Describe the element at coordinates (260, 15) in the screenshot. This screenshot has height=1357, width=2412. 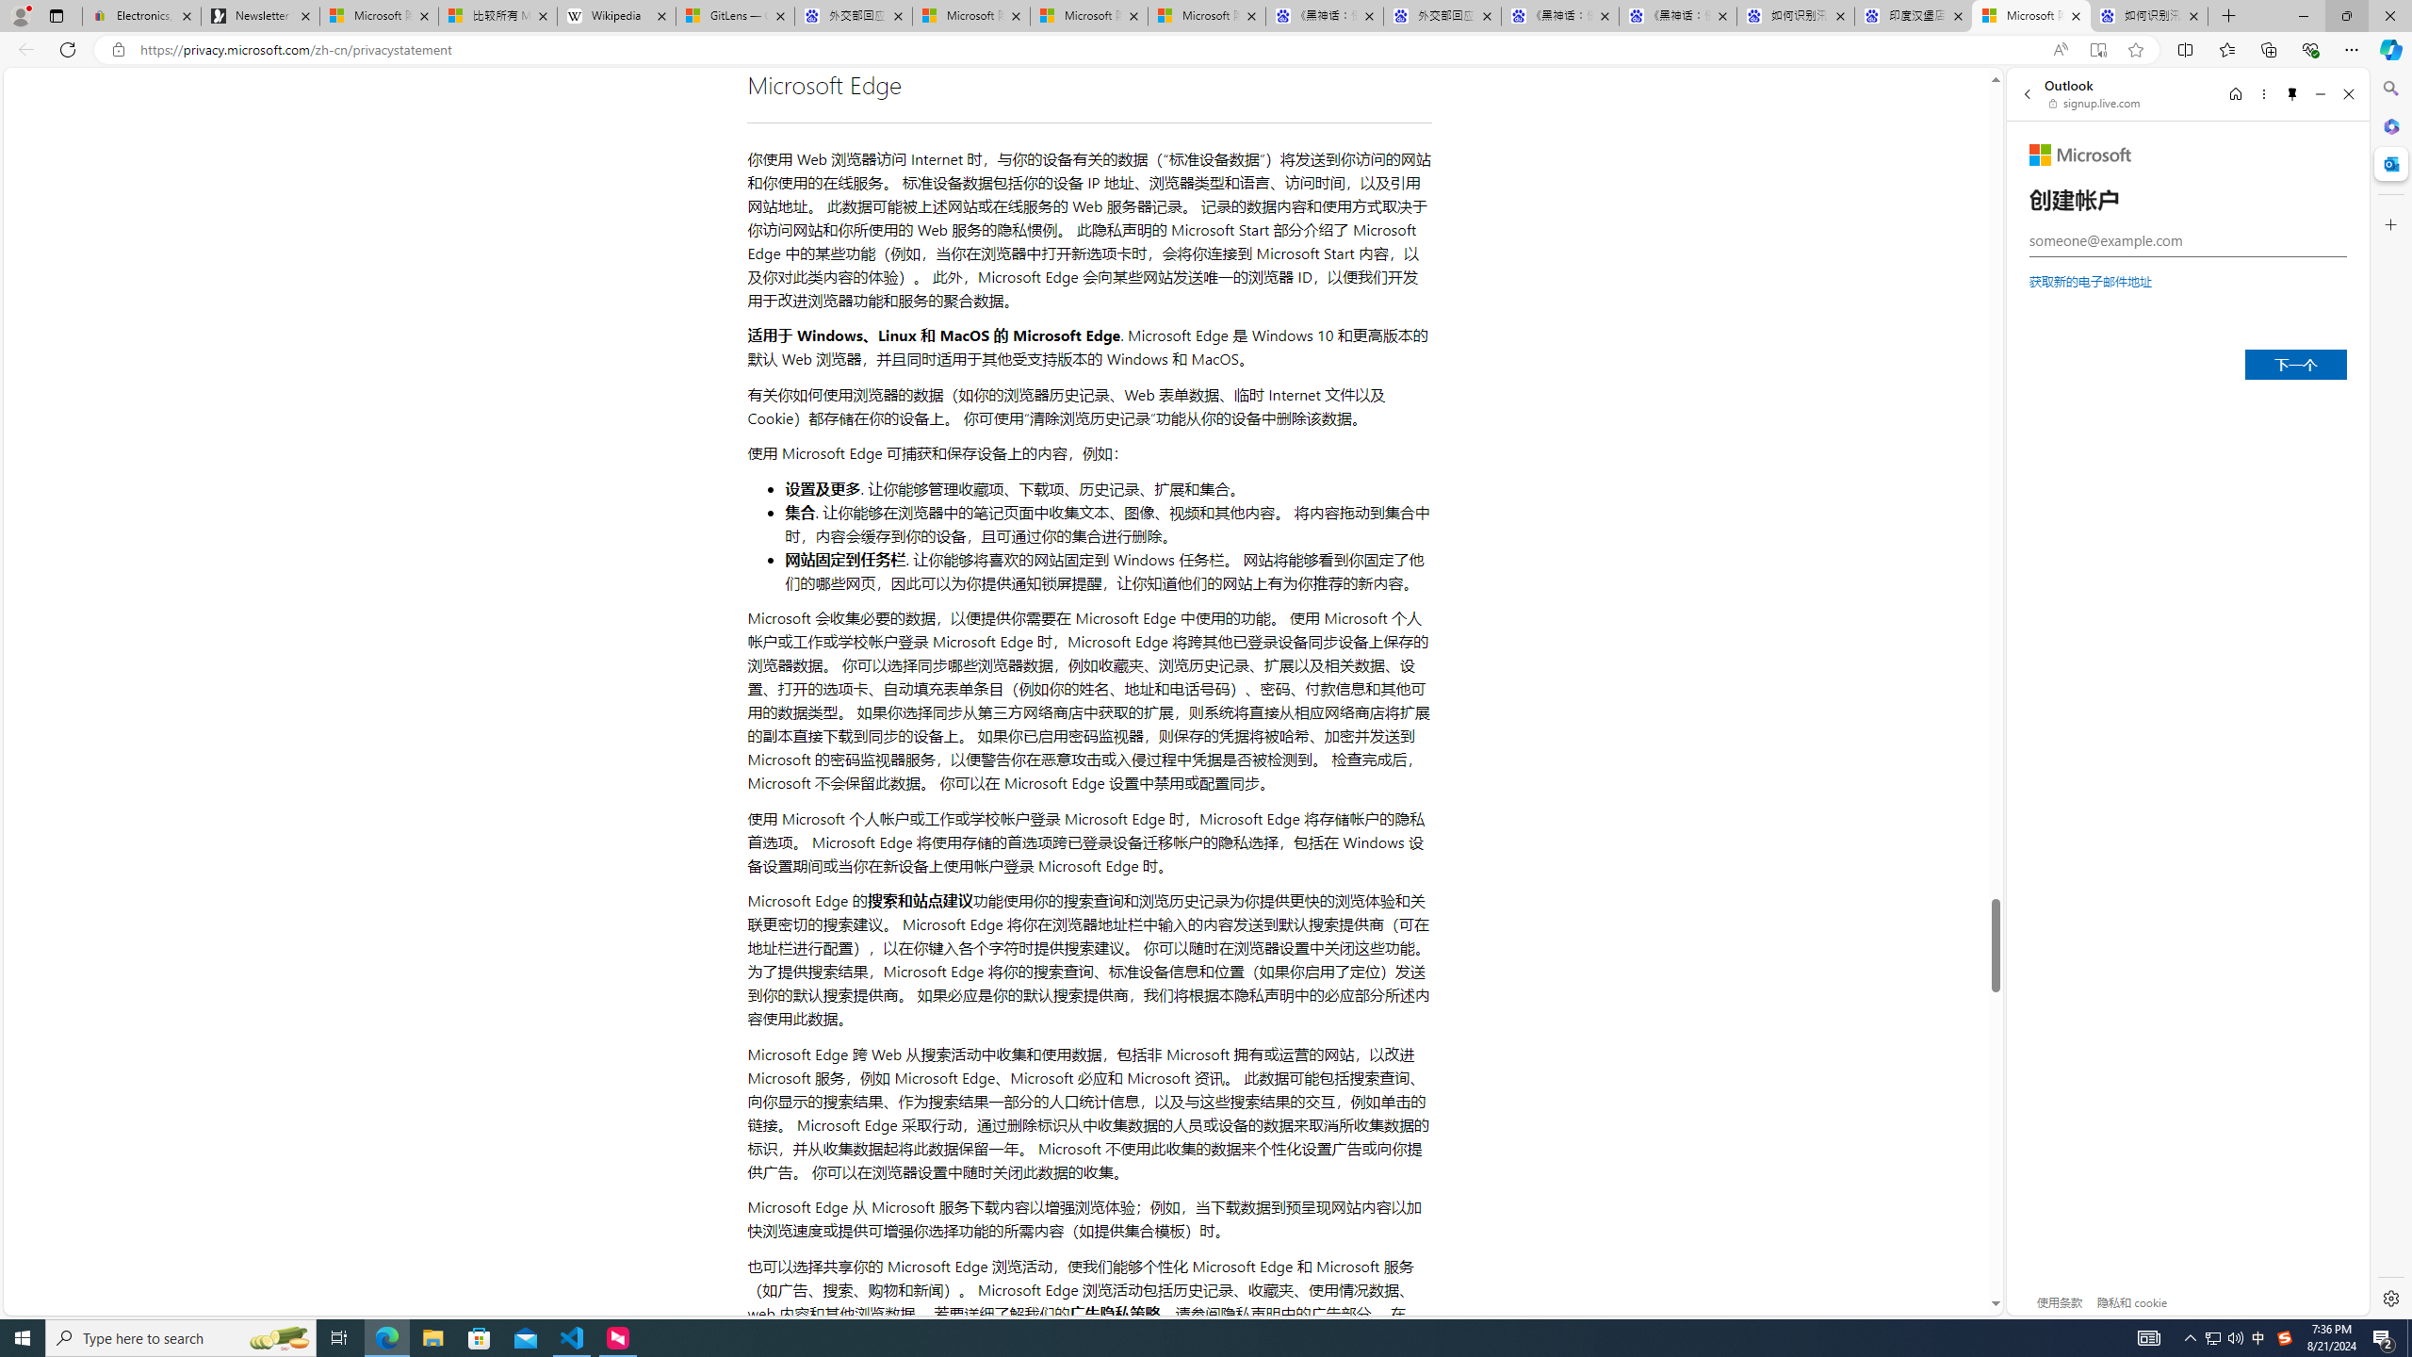
I see `'Newsletter Sign Up'` at that location.